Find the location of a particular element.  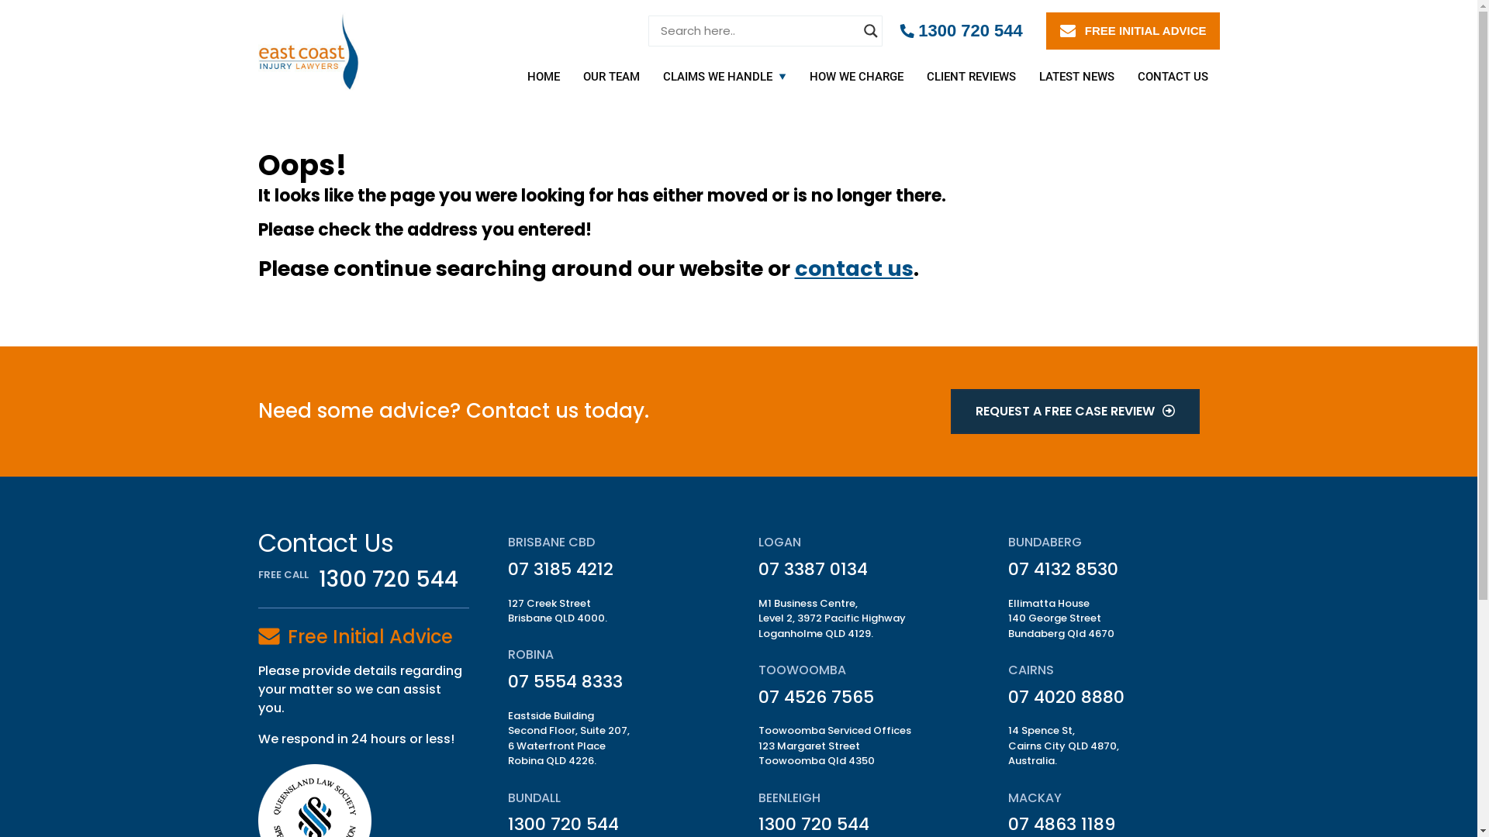

'HOME' is located at coordinates (543, 77).